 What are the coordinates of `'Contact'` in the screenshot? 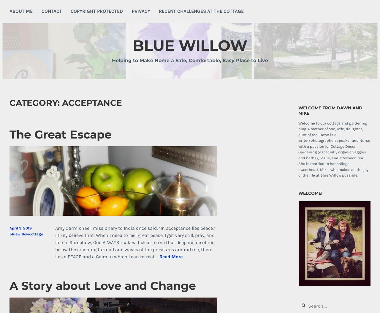 It's located at (51, 11).